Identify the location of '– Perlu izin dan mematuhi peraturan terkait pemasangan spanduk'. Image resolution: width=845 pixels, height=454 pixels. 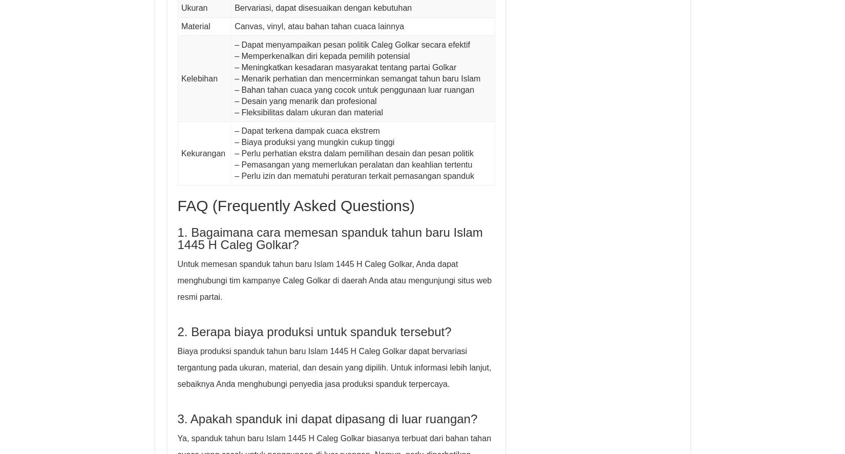
(354, 175).